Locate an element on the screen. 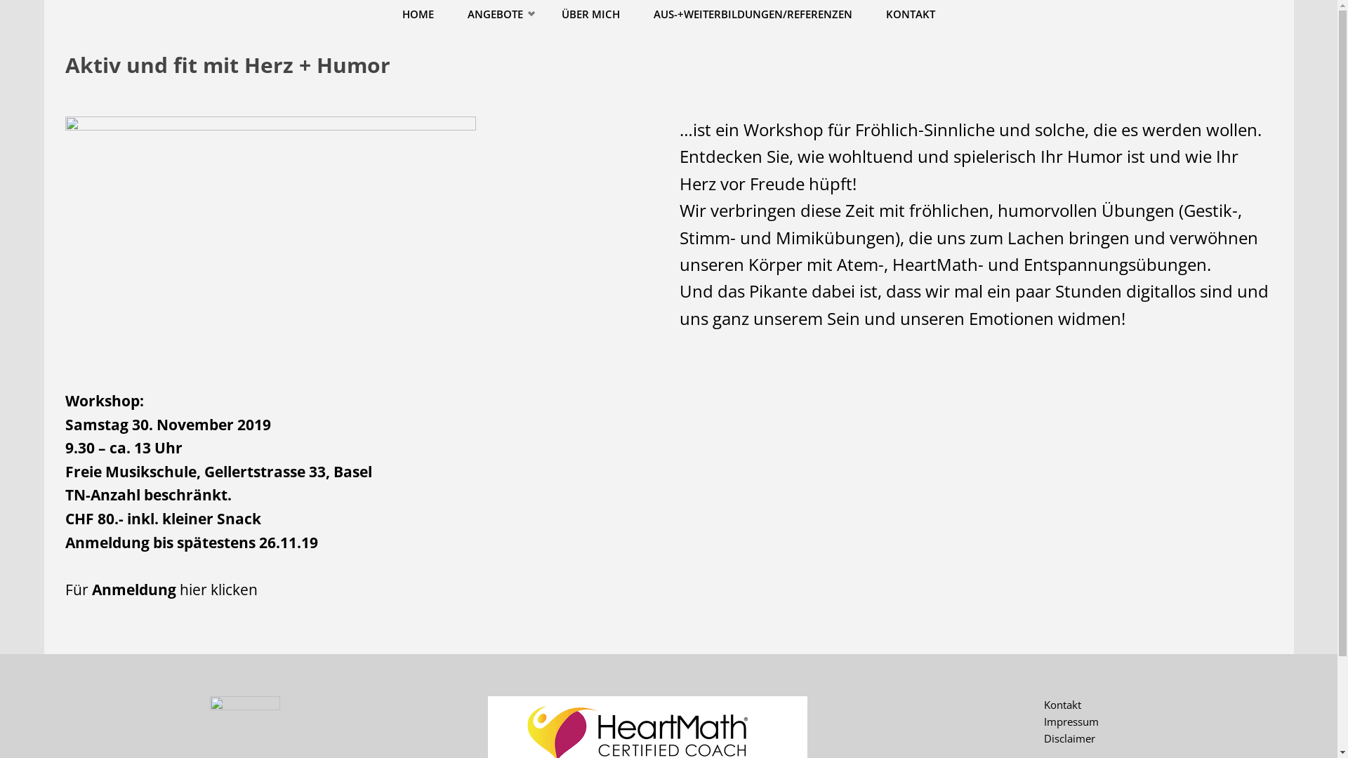 Image resolution: width=1348 pixels, height=758 pixels. 'hier klicken' is located at coordinates (218, 590).